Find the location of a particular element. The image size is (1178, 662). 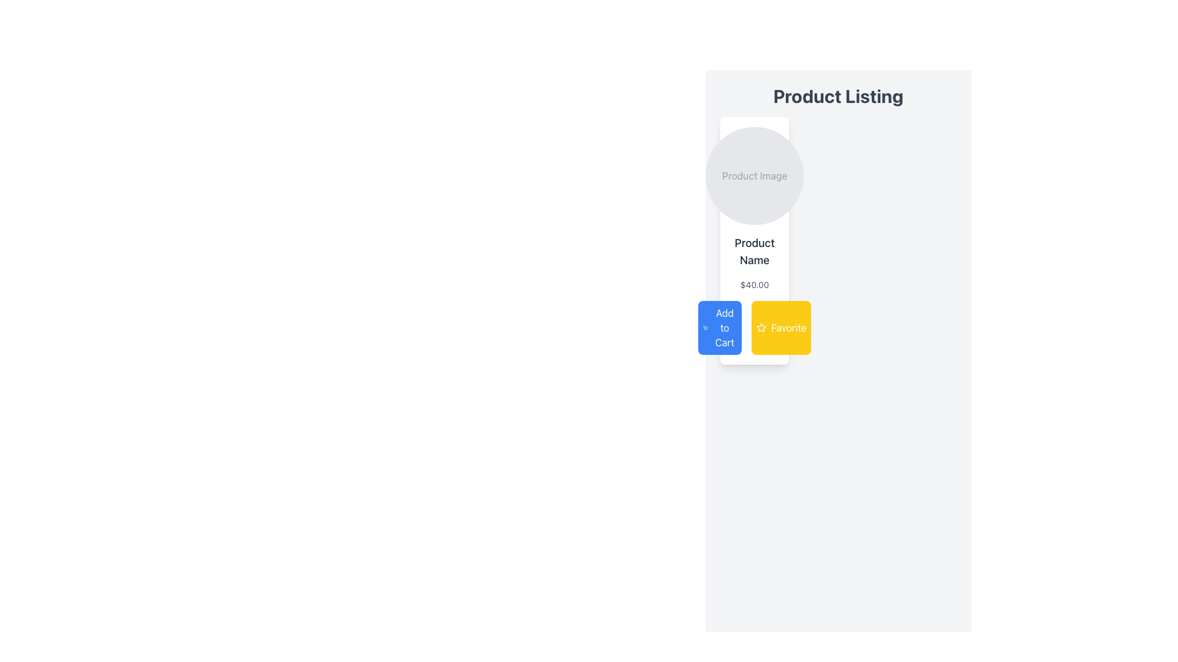

the star icon within the yellow 'Favorite' button located at the bottom-right area of the product card is located at coordinates (761, 327).